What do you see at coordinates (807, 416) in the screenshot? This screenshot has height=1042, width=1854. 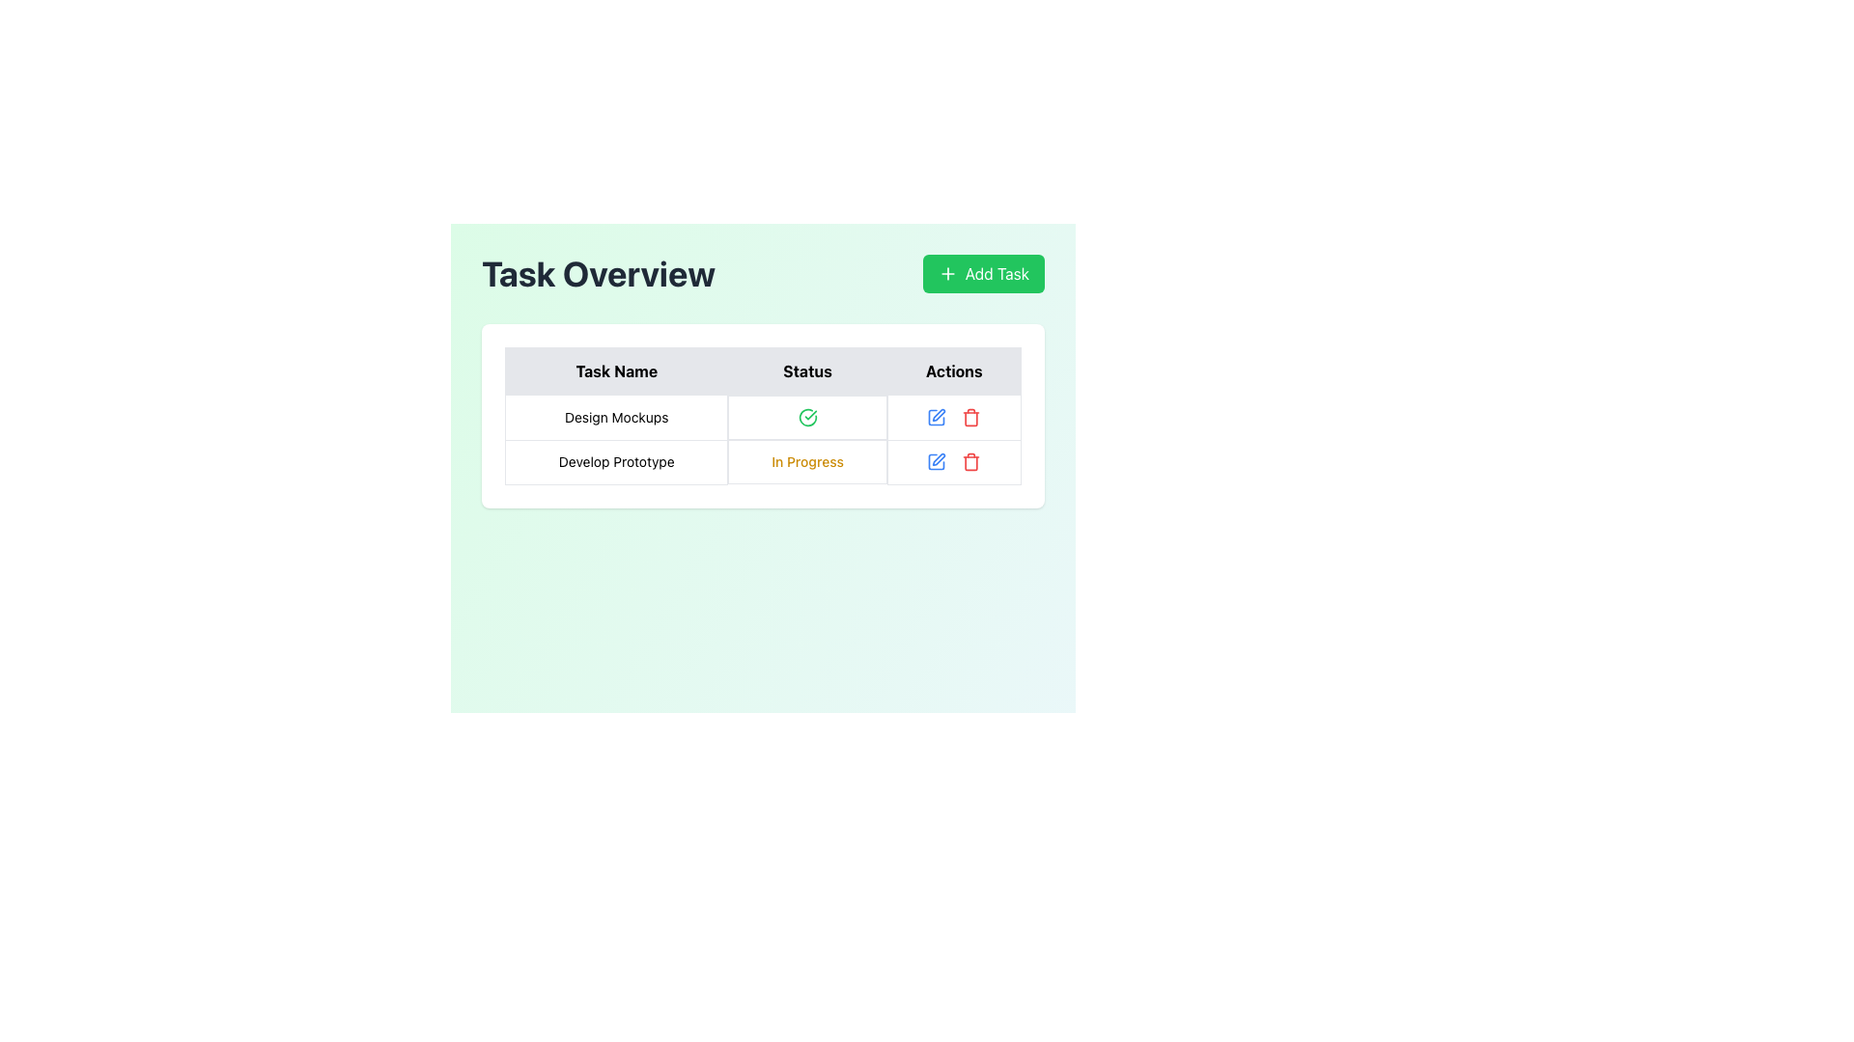 I see `the completion status icon for the task 'Design Mockups' located in the 'Status' column of the grid-like table` at bounding box center [807, 416].